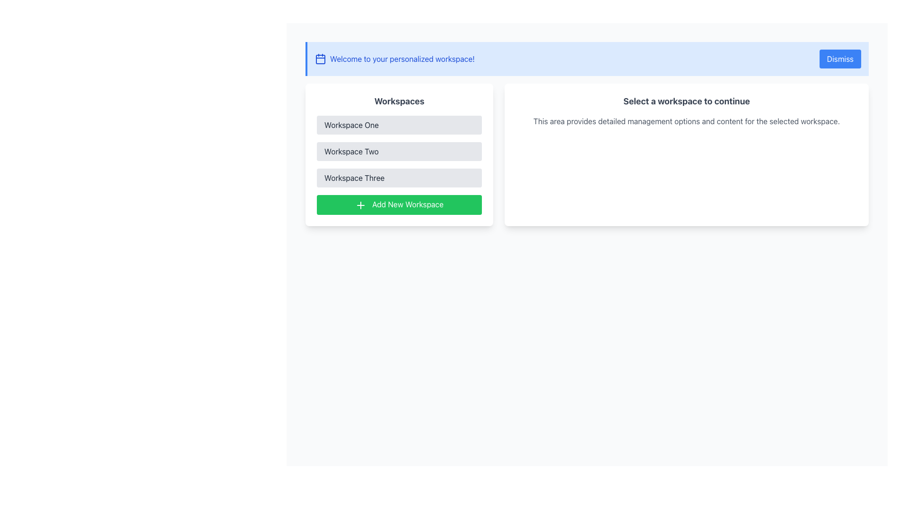 This screenshot has width=908, height=510. What do you see at coordinates (399, 178) in the screenshot?
I see `the selectable option for 'Workspace Three' to change the displayed contents or focus the interface on this workspace` at bounding box center [399, 178].